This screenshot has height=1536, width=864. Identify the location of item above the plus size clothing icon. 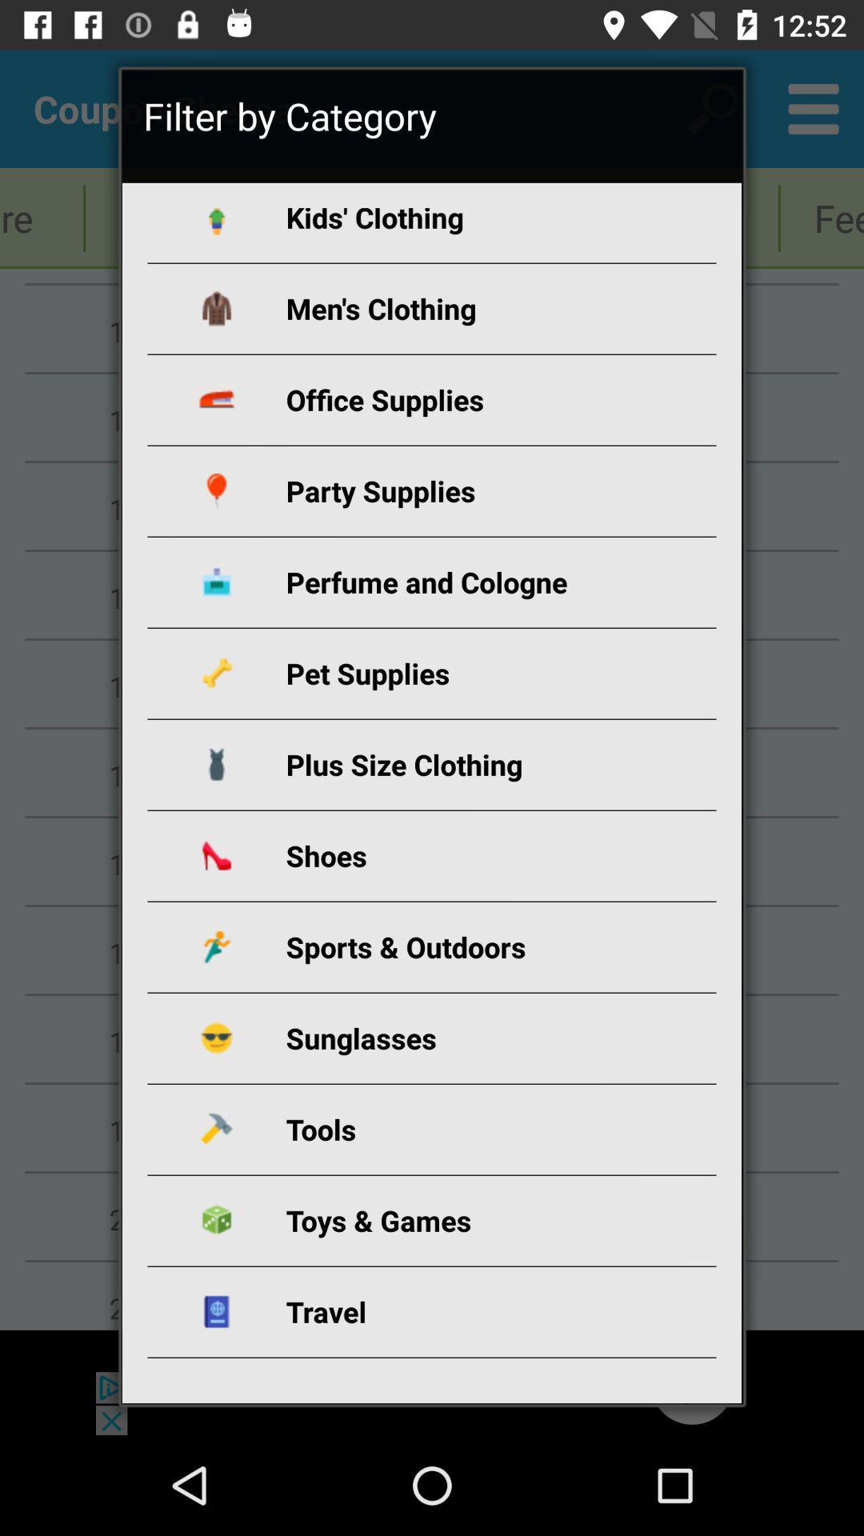
(450, 673).